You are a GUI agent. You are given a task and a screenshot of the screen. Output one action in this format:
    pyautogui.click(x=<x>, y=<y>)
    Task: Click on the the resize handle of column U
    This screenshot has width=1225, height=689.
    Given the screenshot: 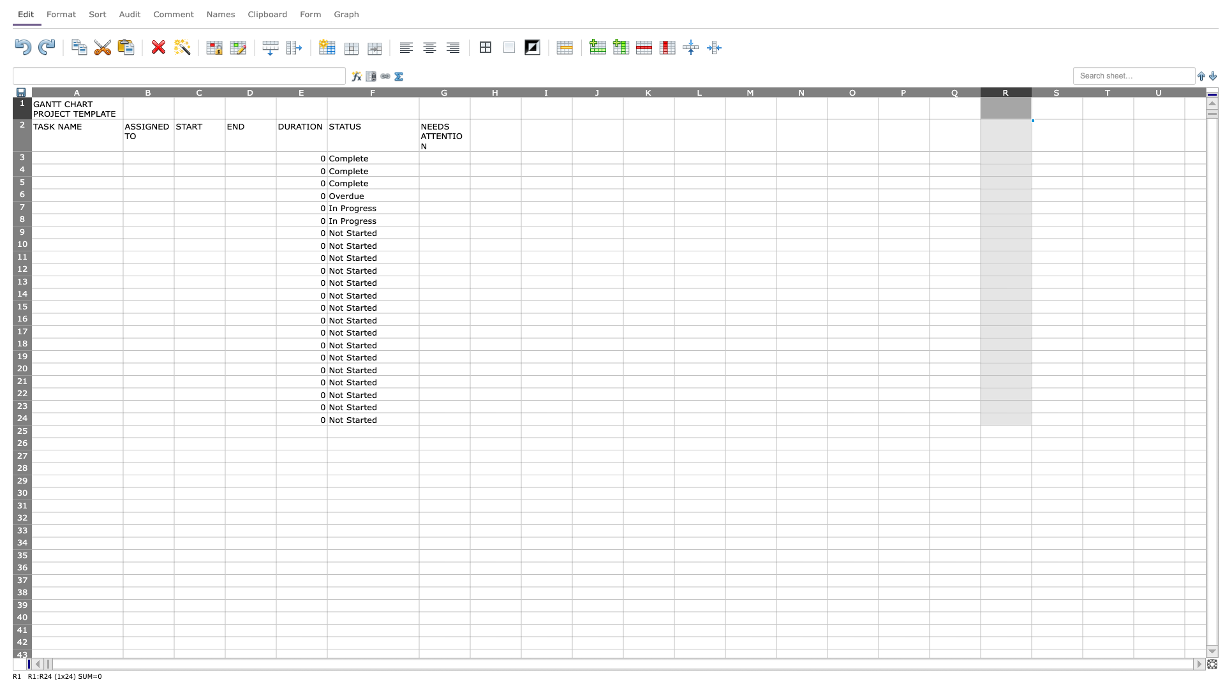 What is the action you would take?
    pyautogui.click(x=1184, y=91)
    